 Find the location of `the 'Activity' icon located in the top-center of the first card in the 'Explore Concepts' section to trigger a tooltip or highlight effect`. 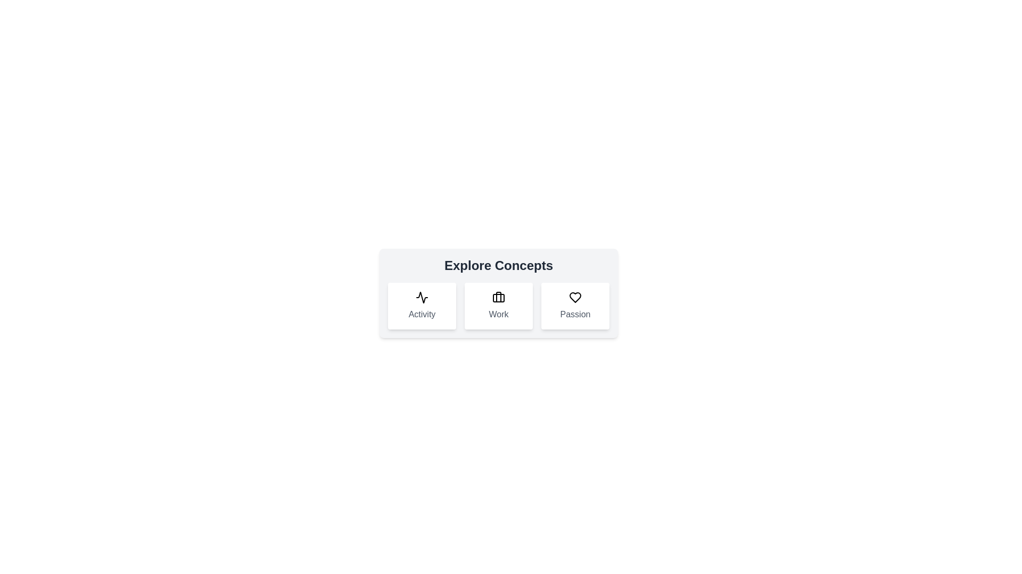

the 'Activity' icon located in the top-center of the first card in the 'Explore Concepts' section to trigger a tooltip or highlight effect is located at coordinates (421, 297).